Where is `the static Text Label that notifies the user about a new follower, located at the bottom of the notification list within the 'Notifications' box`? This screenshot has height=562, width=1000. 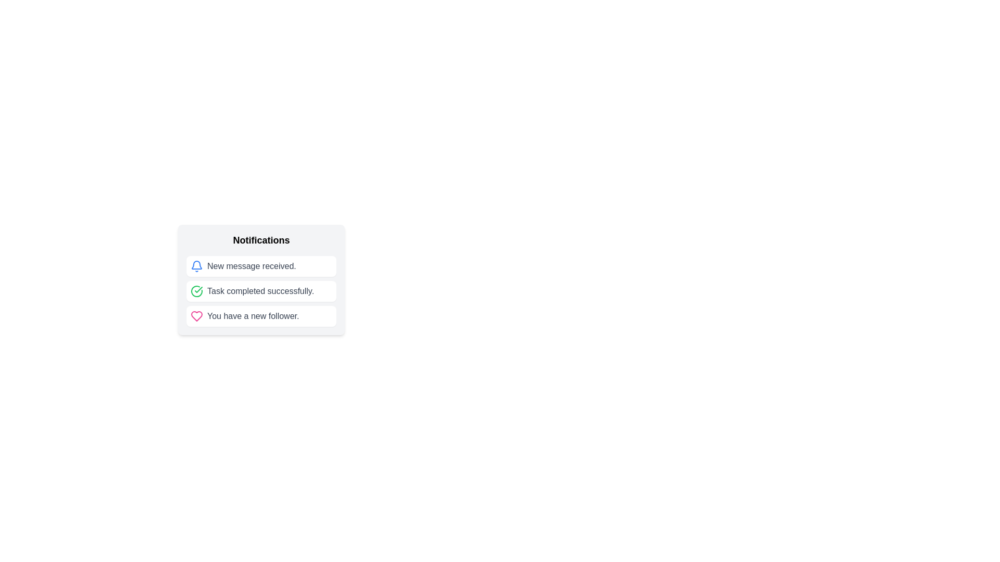 the static Text Label that notifies the user about a new follower, located at the bottom of the notification list within the 'Notifications' box is located at coordinates (261, 316).